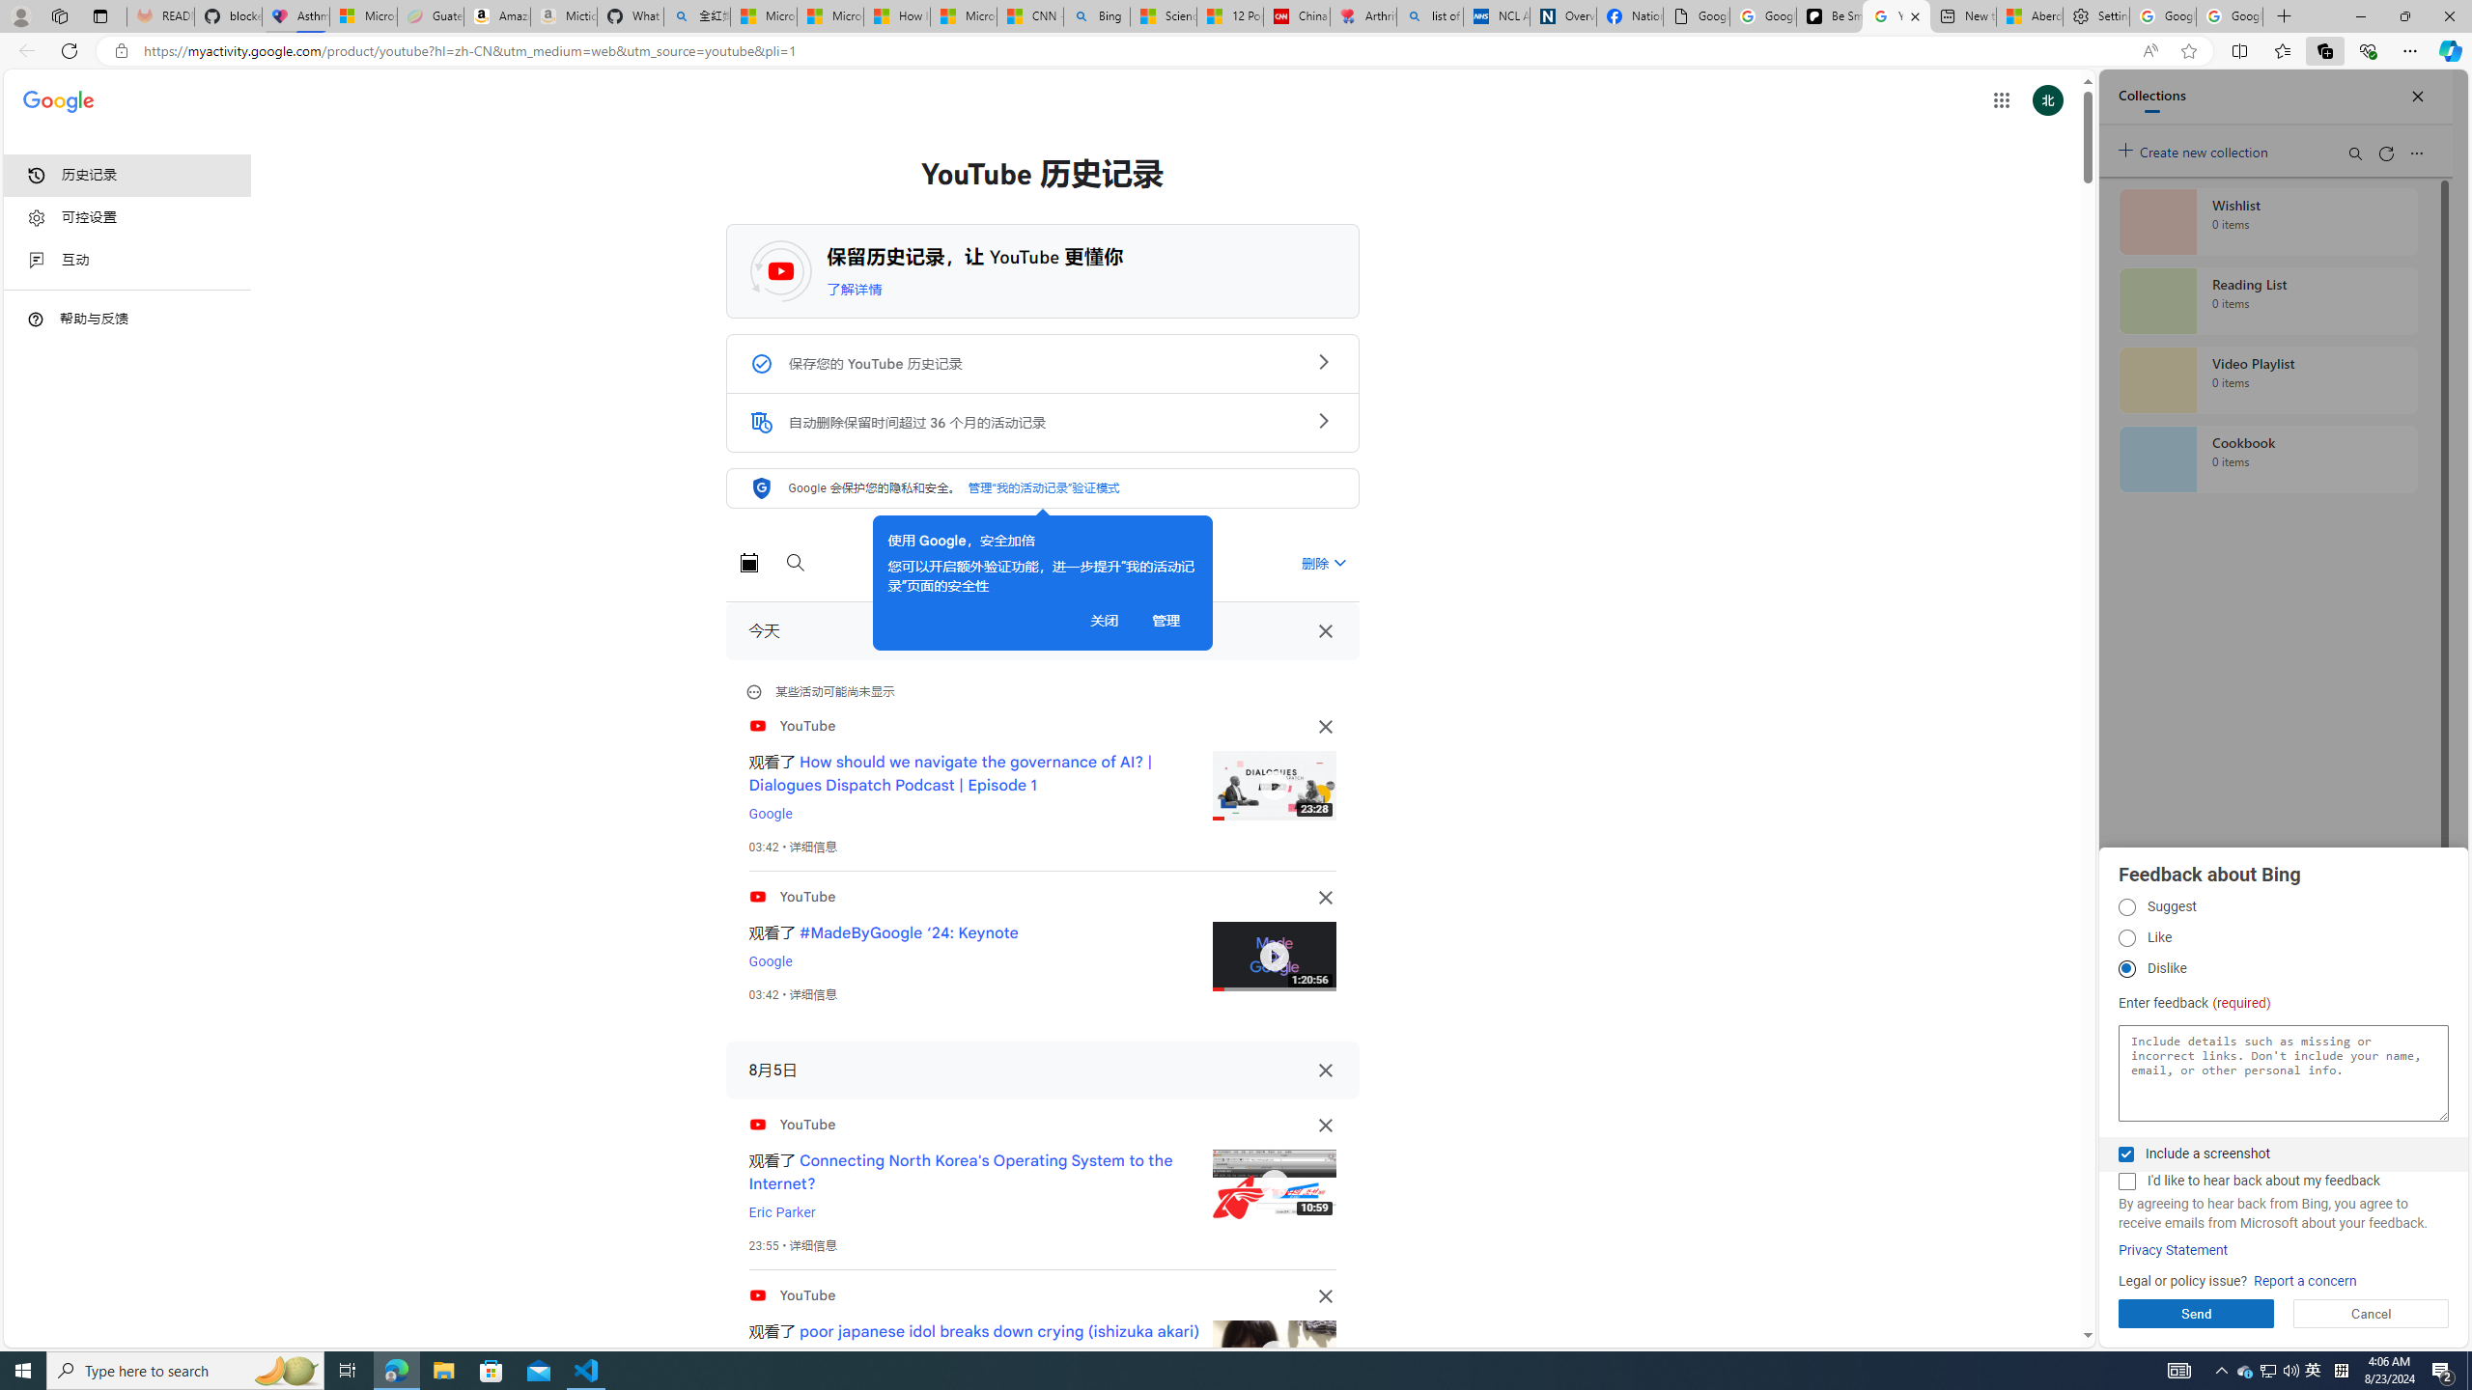 The height and width of the screenshot is (1390, 2472). I want to click on 'Include a screenshot Include a screenshot', so click(2125, 1153).